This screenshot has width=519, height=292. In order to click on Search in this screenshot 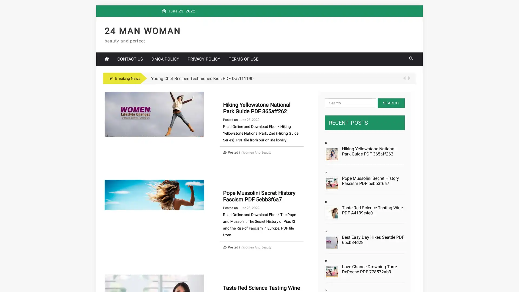, I will do `click(391, 103)`.